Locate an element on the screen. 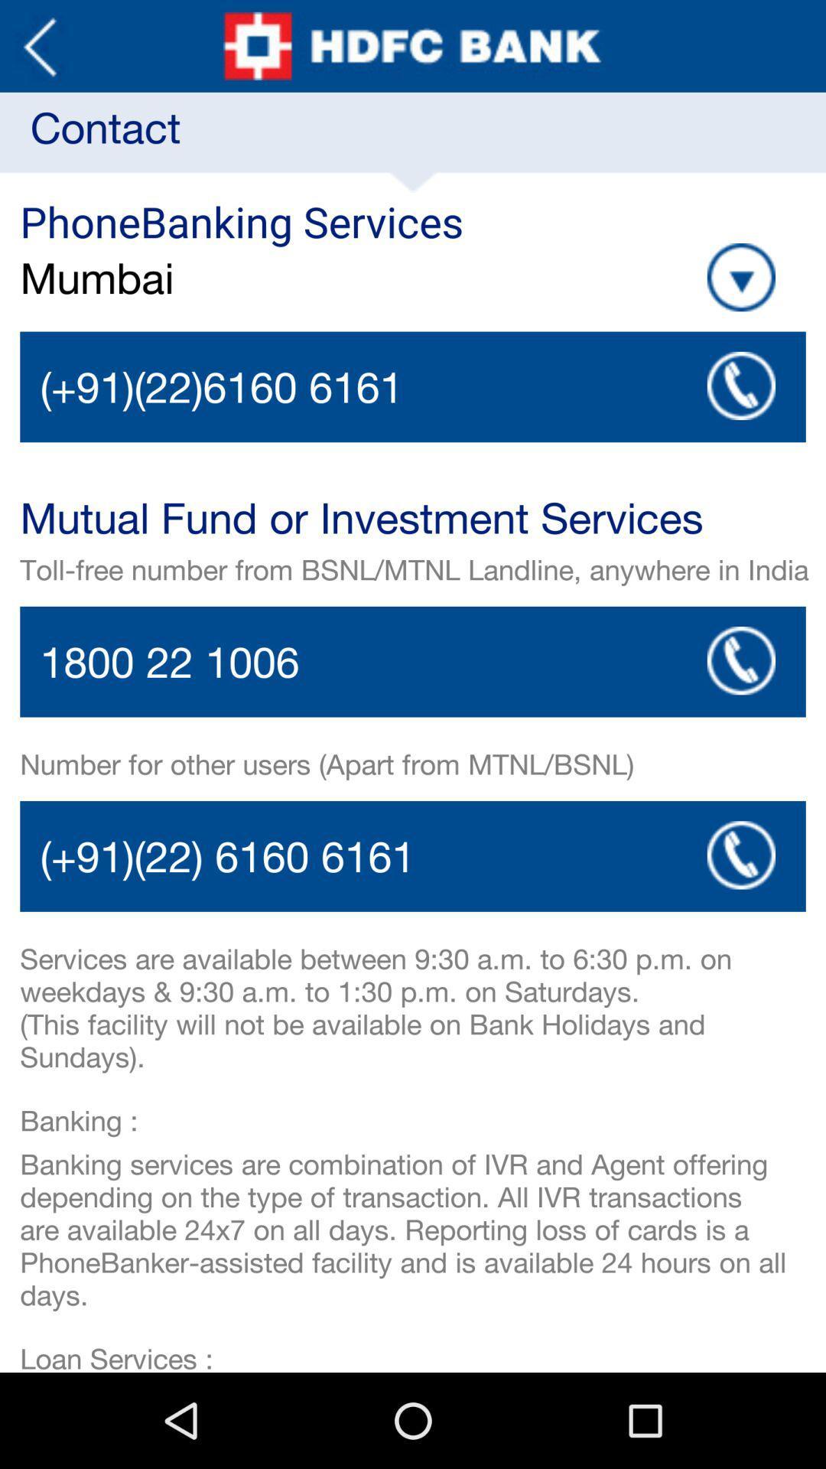  phone is located at coordinates (413, 386).